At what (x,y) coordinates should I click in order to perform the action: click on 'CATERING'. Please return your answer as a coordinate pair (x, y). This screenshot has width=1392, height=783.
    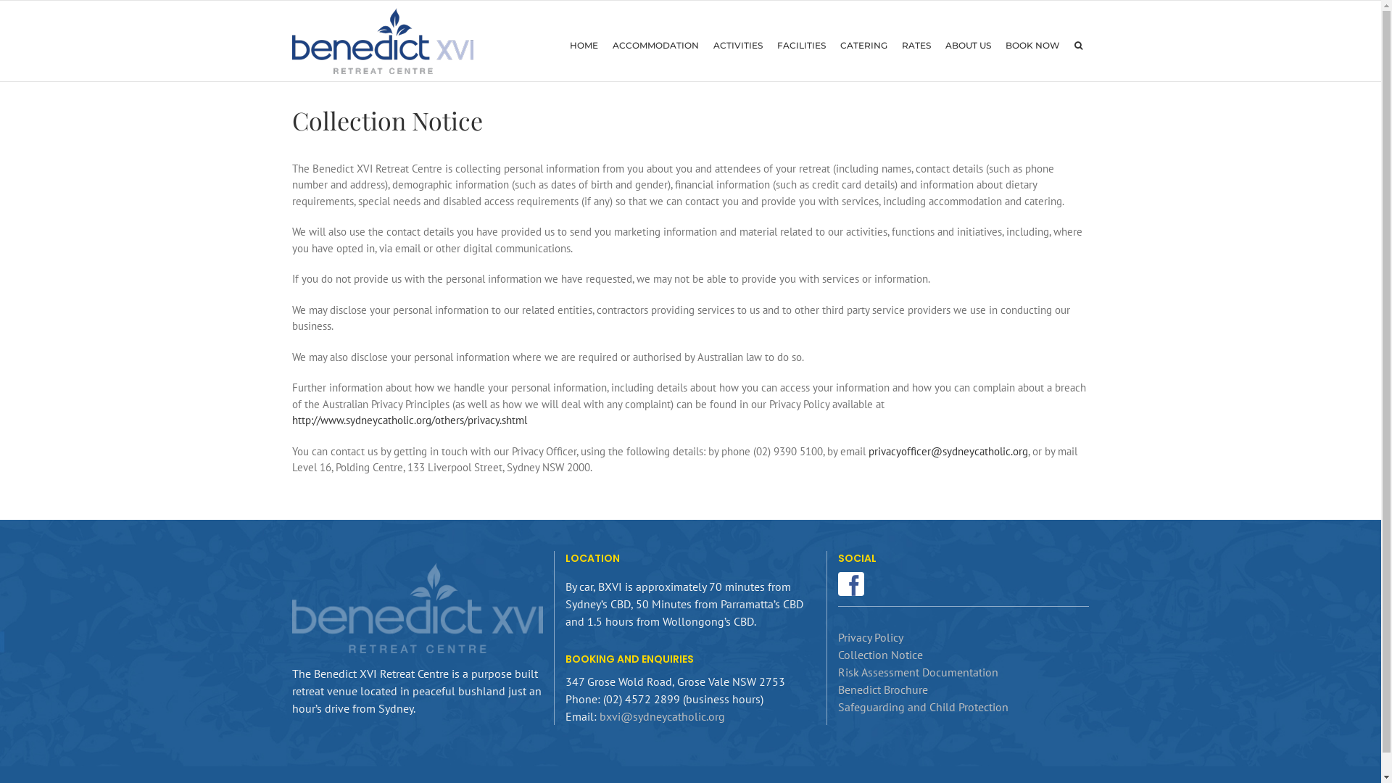
    Looking at the image, I should click on (863, 44).